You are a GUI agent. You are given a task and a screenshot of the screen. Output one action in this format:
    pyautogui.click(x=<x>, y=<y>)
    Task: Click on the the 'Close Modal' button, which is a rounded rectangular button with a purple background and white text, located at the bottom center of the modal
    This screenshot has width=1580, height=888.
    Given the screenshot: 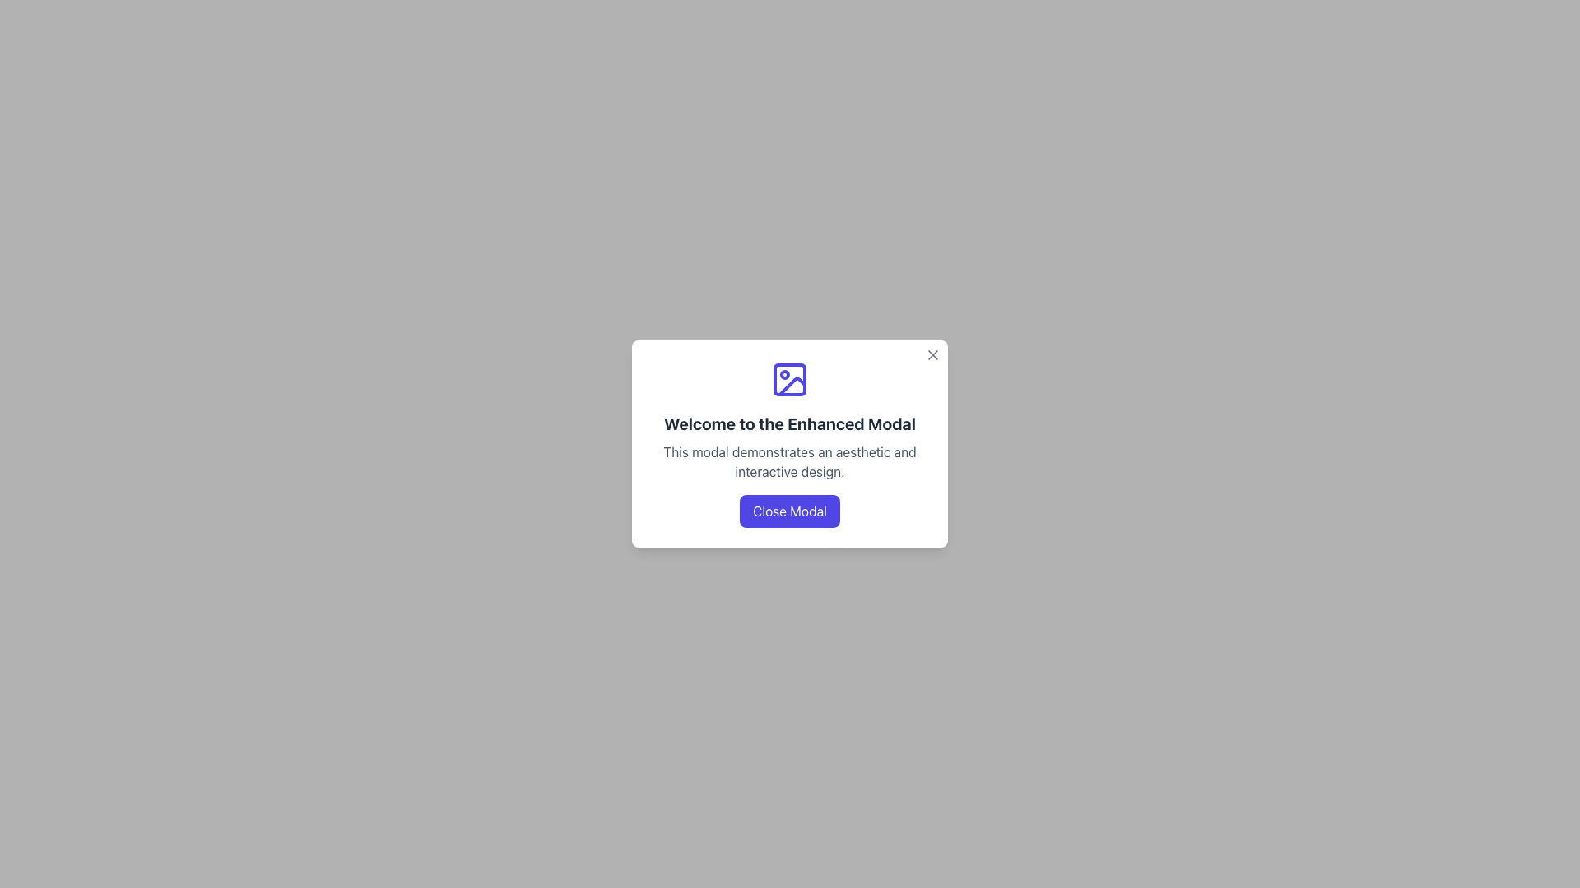 What is the action you would take?
    pyautogui.click(x=790, y=510)
    